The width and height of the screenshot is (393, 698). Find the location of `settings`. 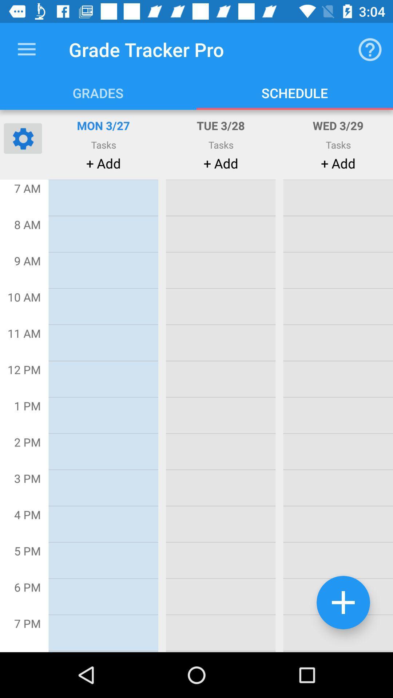

settings is located at coordinates (22, 138).